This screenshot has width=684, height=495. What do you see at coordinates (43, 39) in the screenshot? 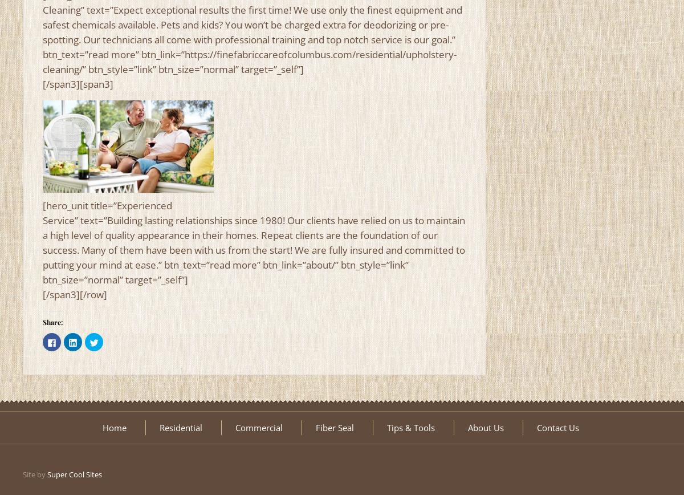
I see `'Cleaning” text=”Expect exceptional results the first time! We use only the finest equipment and safest chemicals available. Pets and kids? You won’t be charged extra for deodorizing or pre-spotting. Our technicians all come with professional training and top notch service is our goal.” btn_text=”read more” btn_link=”https://finefabriccareofcolumbus.com/residential/upholstery-cleaning/” btn_style=”link” btn_size=”normal” target=”_self”]'` at bounding box center [43, 39].